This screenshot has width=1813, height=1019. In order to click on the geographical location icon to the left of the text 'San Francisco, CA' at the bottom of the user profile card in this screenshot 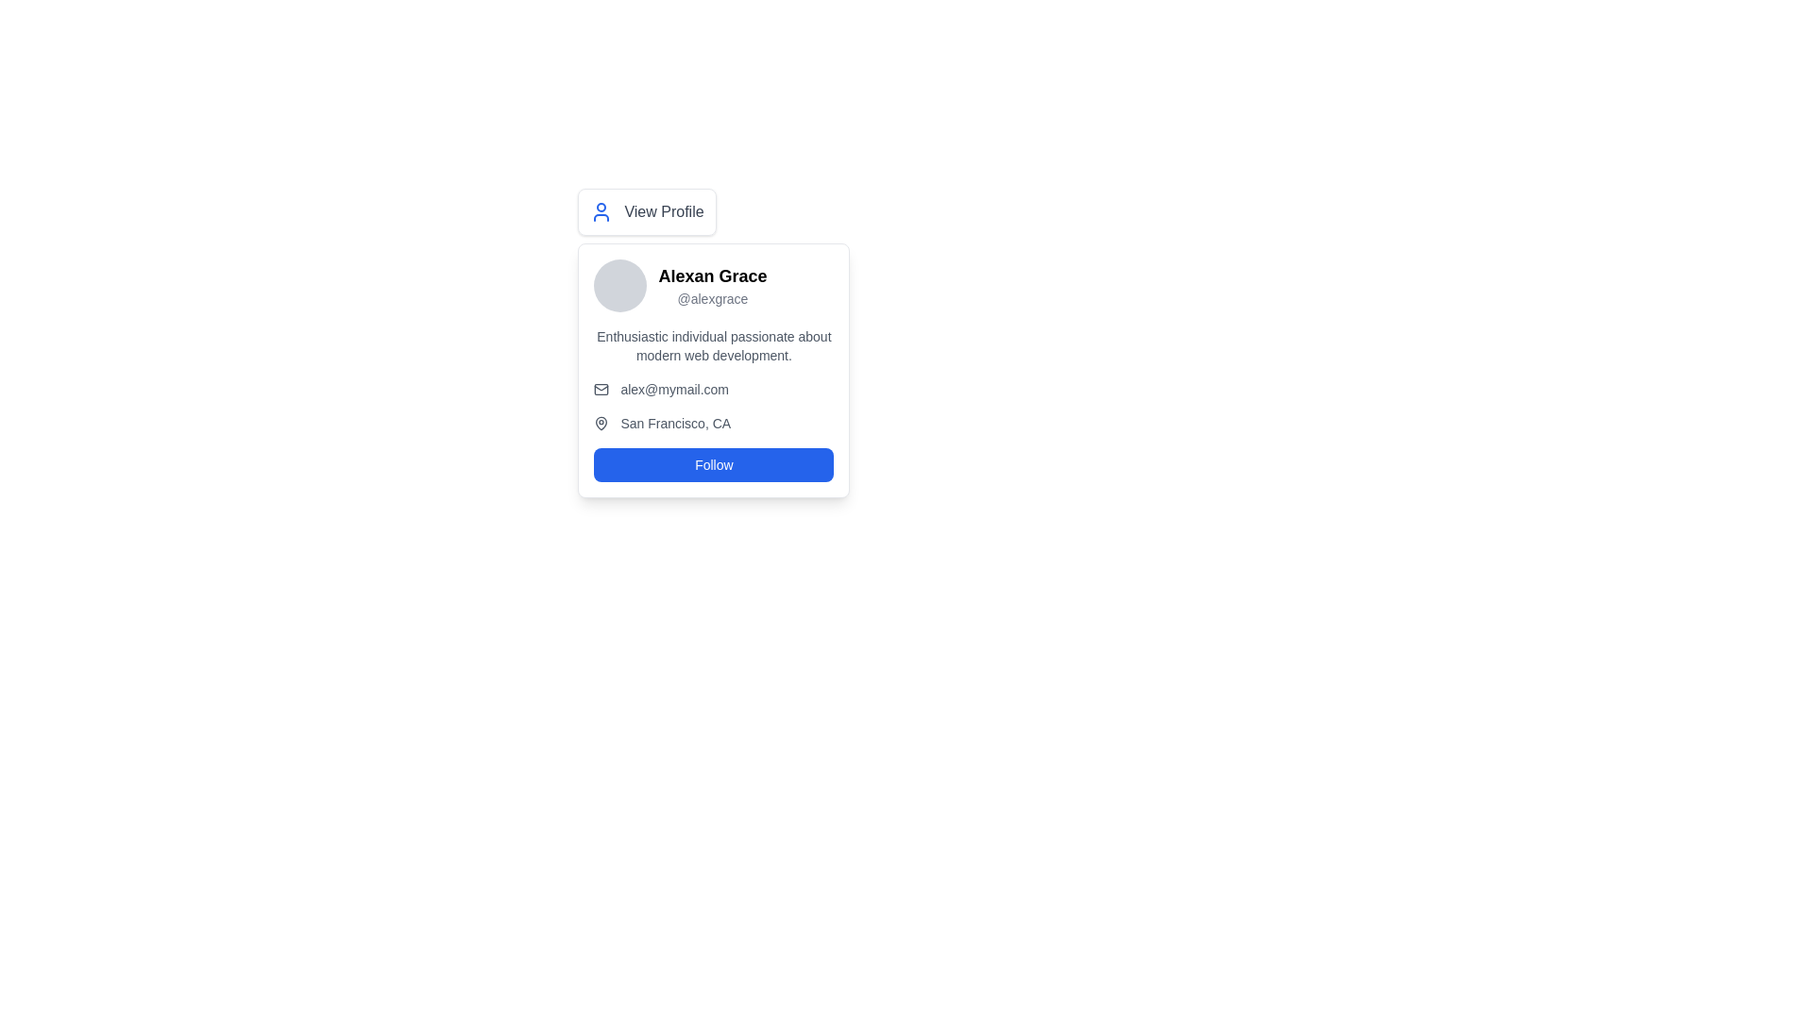, I will do `click(601, 422)`.